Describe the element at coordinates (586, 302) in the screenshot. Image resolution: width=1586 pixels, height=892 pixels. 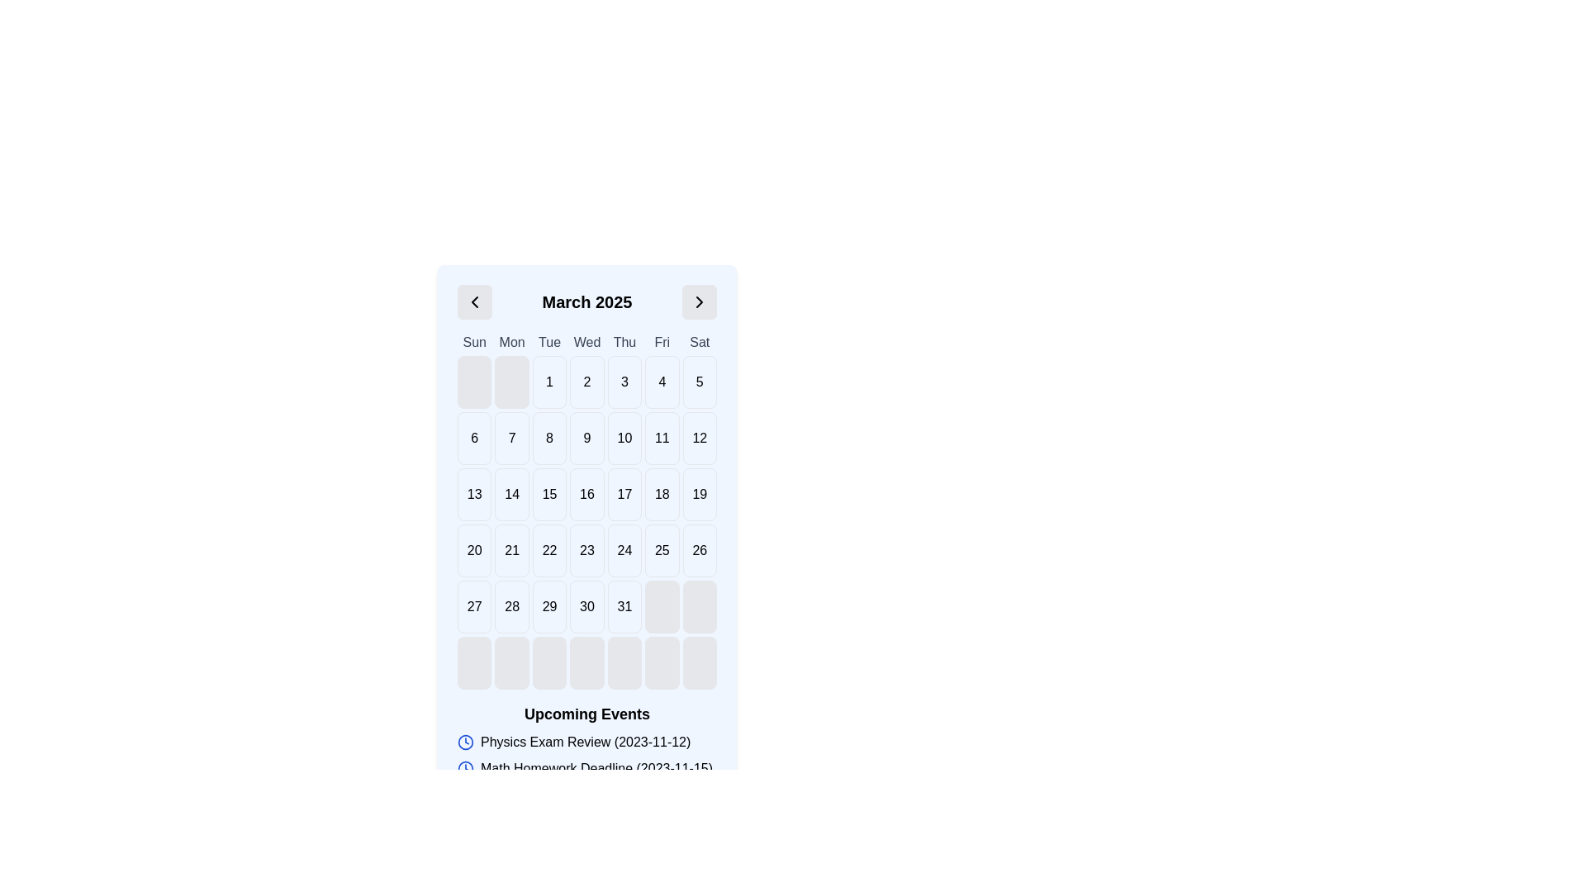
I see `text displayed in the bold text label indicating the title 'March 2025', which is centrally positioned in the header row of the calendar interface` at that location.